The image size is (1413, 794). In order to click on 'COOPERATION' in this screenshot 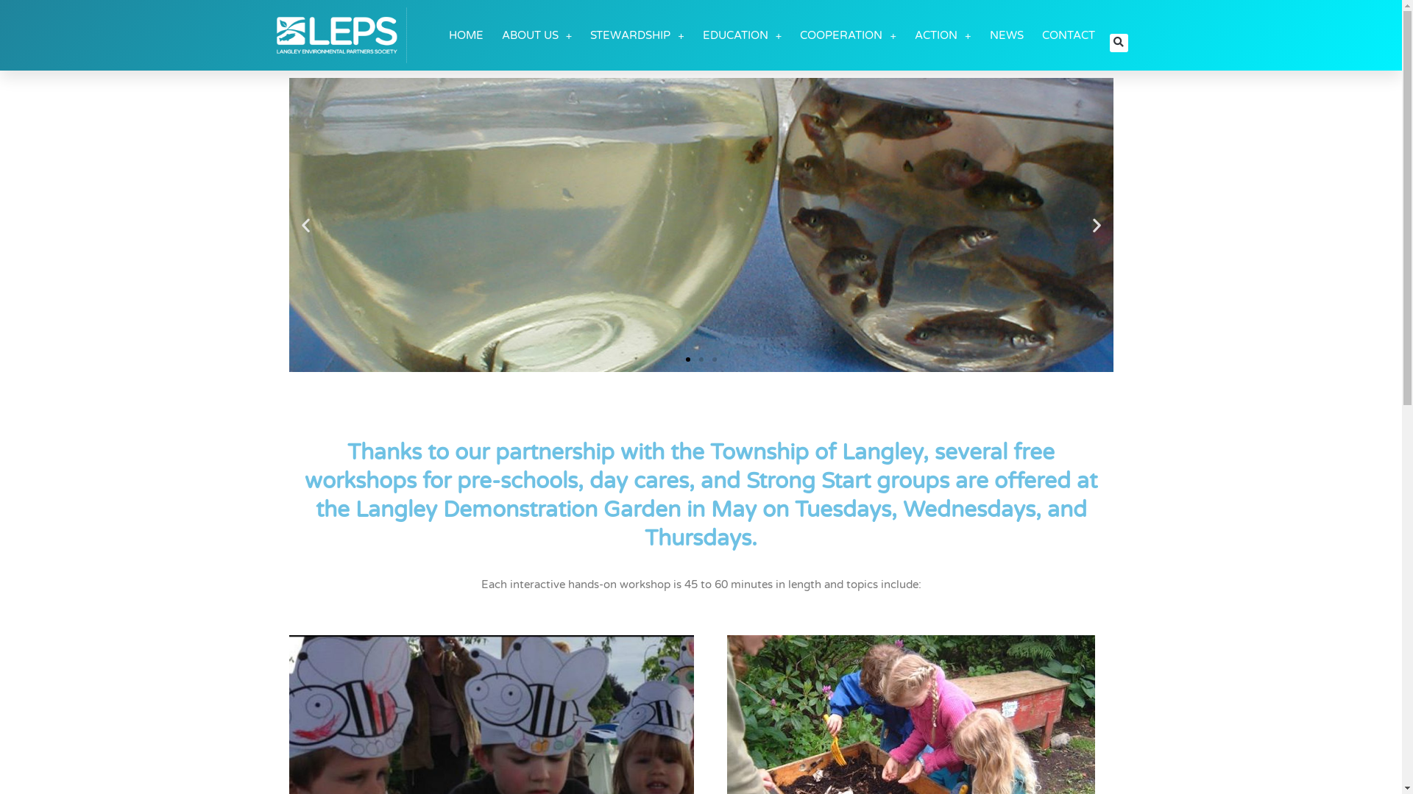, I will do `click(848, 34)`.